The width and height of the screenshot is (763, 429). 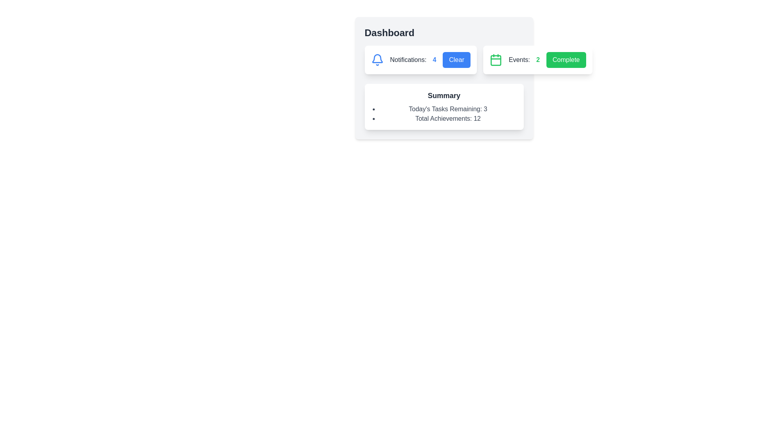 I want to click on text from the Text Label displaying 'Today's Tasks Remaining: 3', which is the first item in the bullet list under the 'Summary' heading, so click(x=448, y=109).